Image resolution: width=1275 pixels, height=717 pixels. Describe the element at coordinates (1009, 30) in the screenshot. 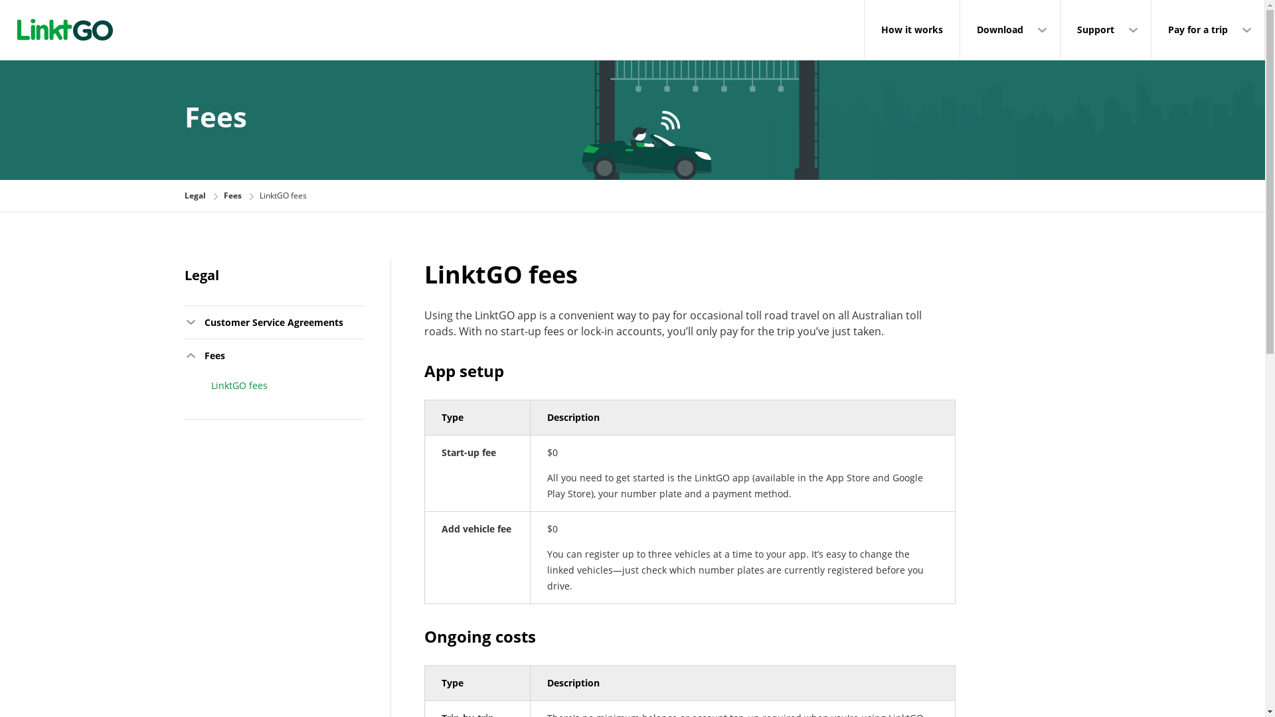

I see `'Download'` at that location.